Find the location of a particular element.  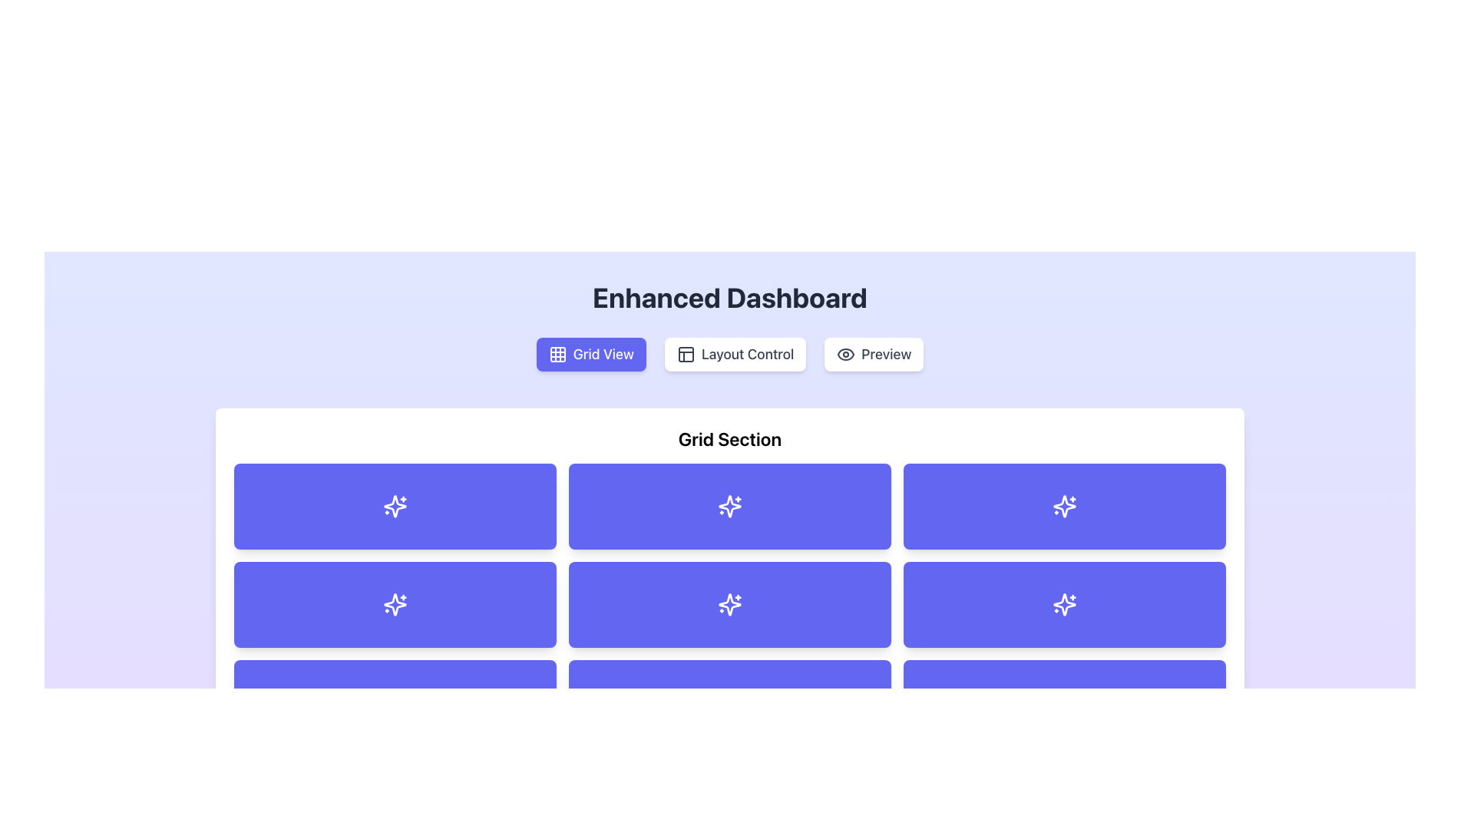

the middle button in the horizontal group of three buttons located at the top center of the interface beneath the heading 'Enhanced Dashboard' is located at coordinates (735, 355).